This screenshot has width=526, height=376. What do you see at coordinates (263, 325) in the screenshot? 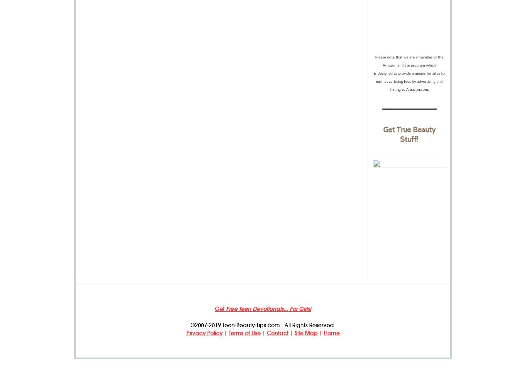
I see `'©2007-2019 Teen-Beauty-Tips.com.  All Rights Reserved.'` at bounding box center [263, 325].